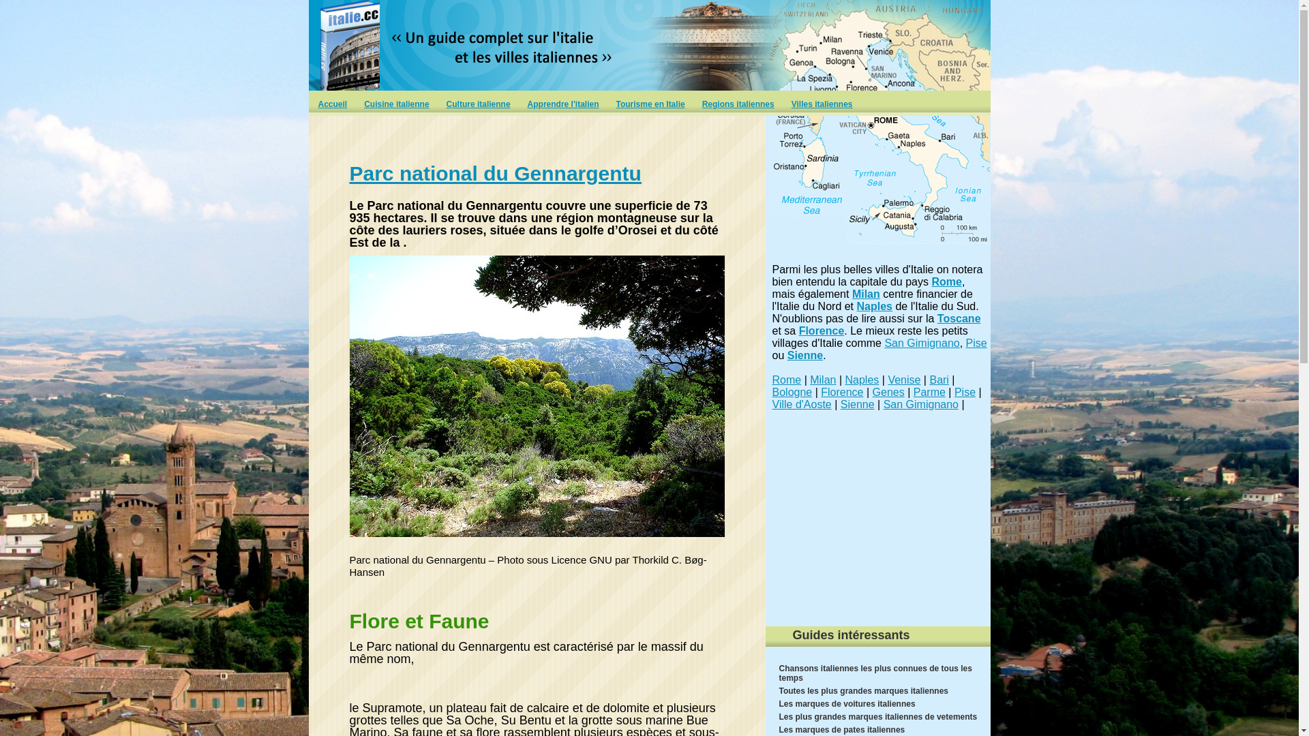 The width and height of the screenshot is (1309, 736). Describe the element at coordinates (922, 342) in the screenshot. I see `'San Gimignano'` at that location.